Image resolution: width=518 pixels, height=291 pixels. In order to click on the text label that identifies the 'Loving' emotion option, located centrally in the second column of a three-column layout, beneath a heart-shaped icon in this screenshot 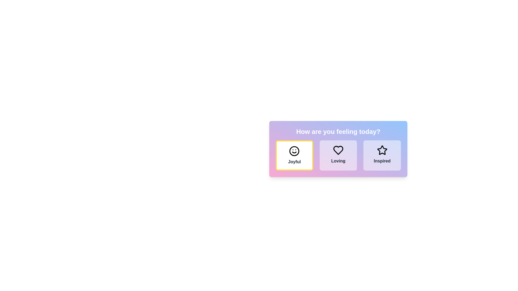, I will do `click(338, 161)`.